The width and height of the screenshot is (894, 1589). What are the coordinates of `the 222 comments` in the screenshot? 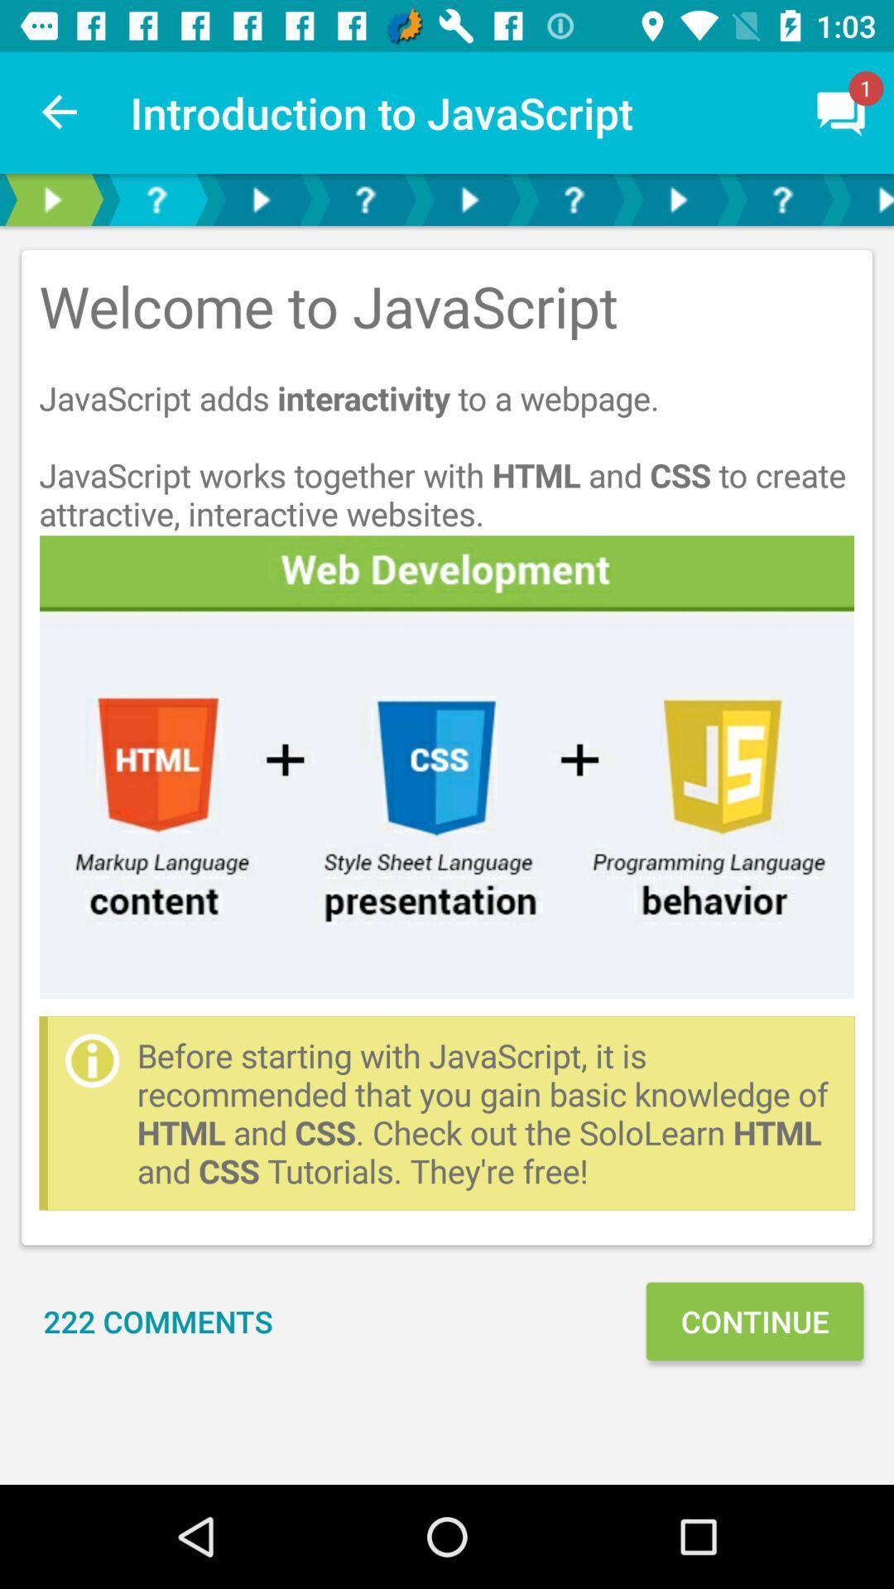 It's located at (158, 1320).